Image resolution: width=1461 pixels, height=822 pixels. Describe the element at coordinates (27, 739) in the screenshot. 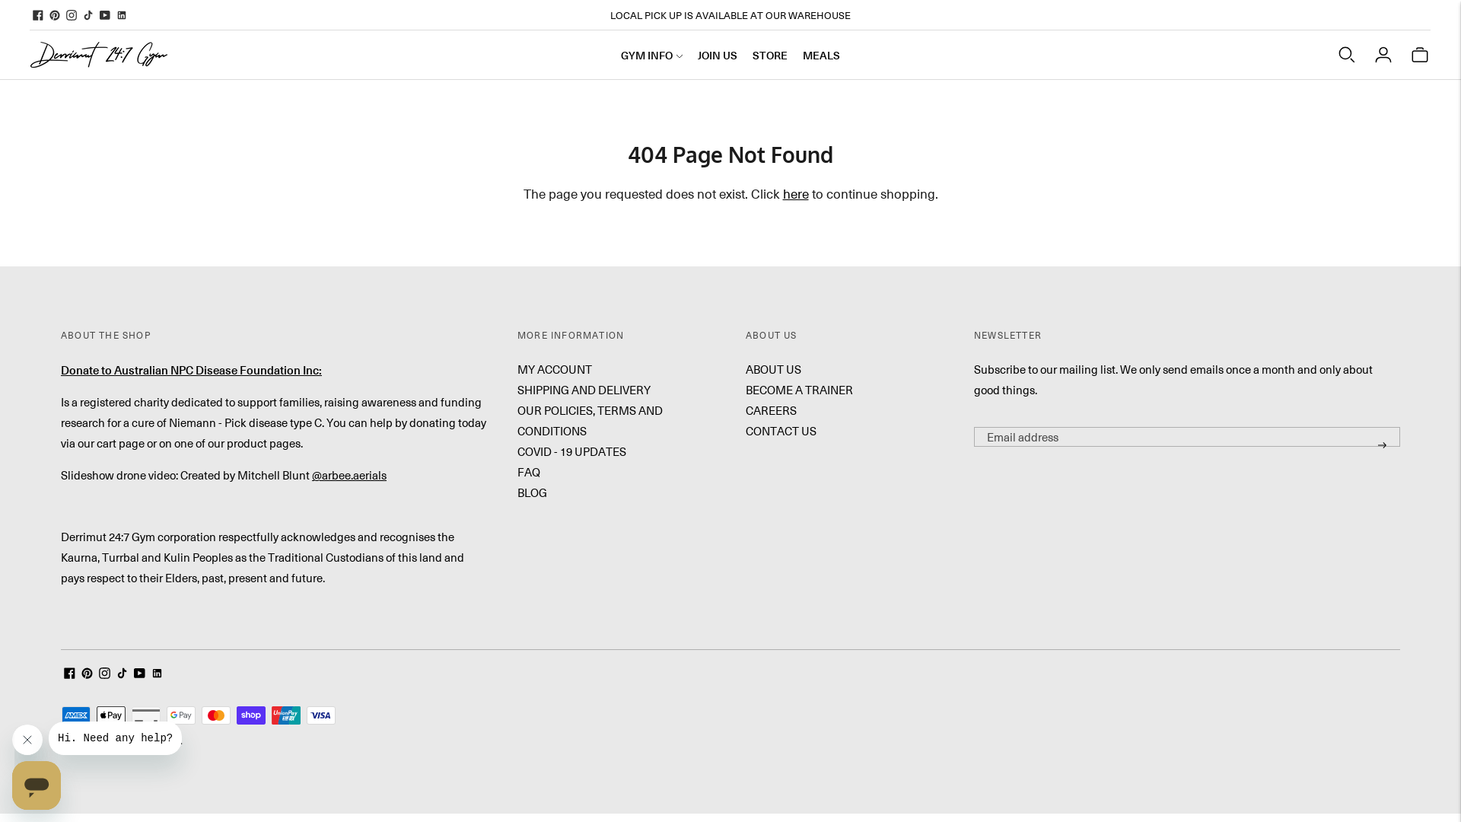

I see `'Close message'` at that location.